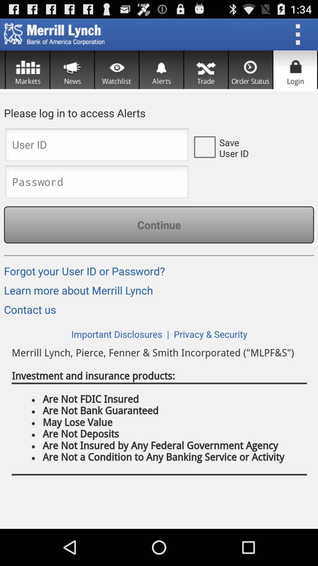 This screenshot has height=566, width=318. What do you see at coordinates (206, 74) in the screenshot?
I see `the fullscreen icon` at bounding box center [206, 74].